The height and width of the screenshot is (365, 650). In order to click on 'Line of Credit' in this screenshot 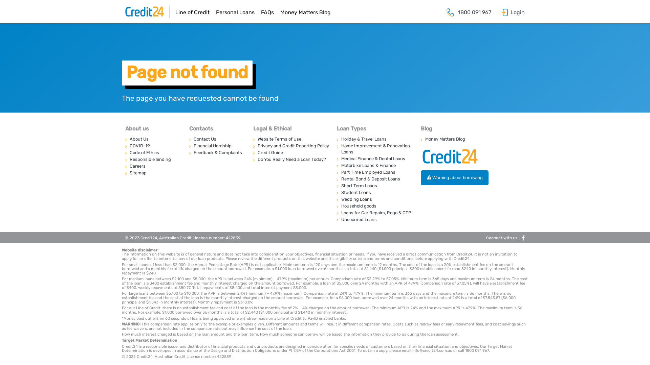, I will do `click(192, 12)`.